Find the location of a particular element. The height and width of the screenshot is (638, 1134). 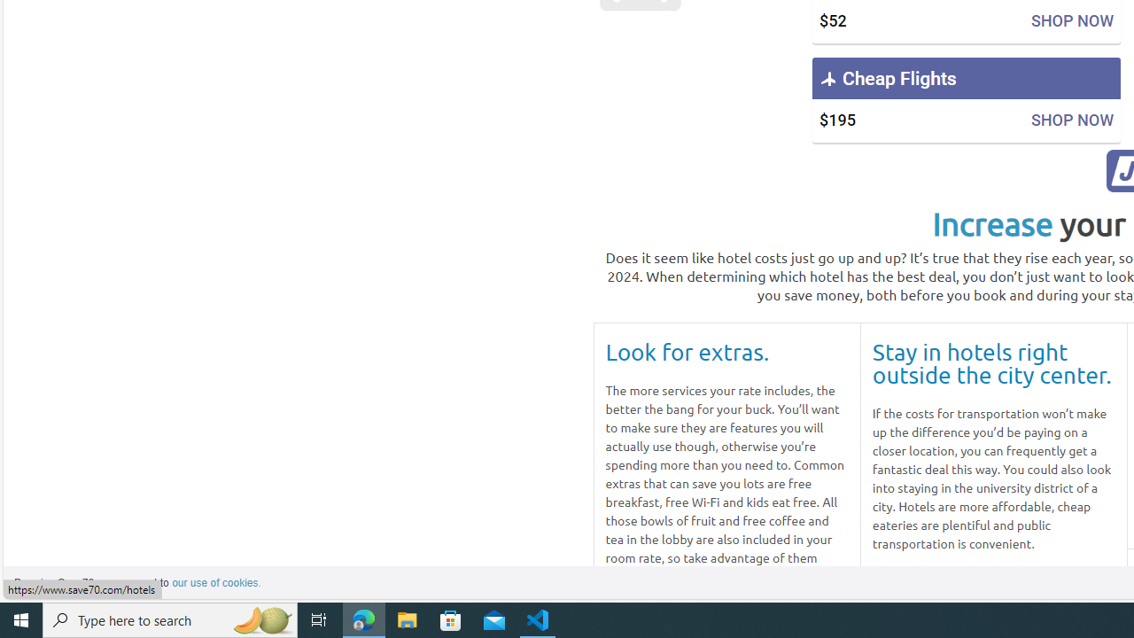

'learn more about cookies' is located at coordinates (215, 582).